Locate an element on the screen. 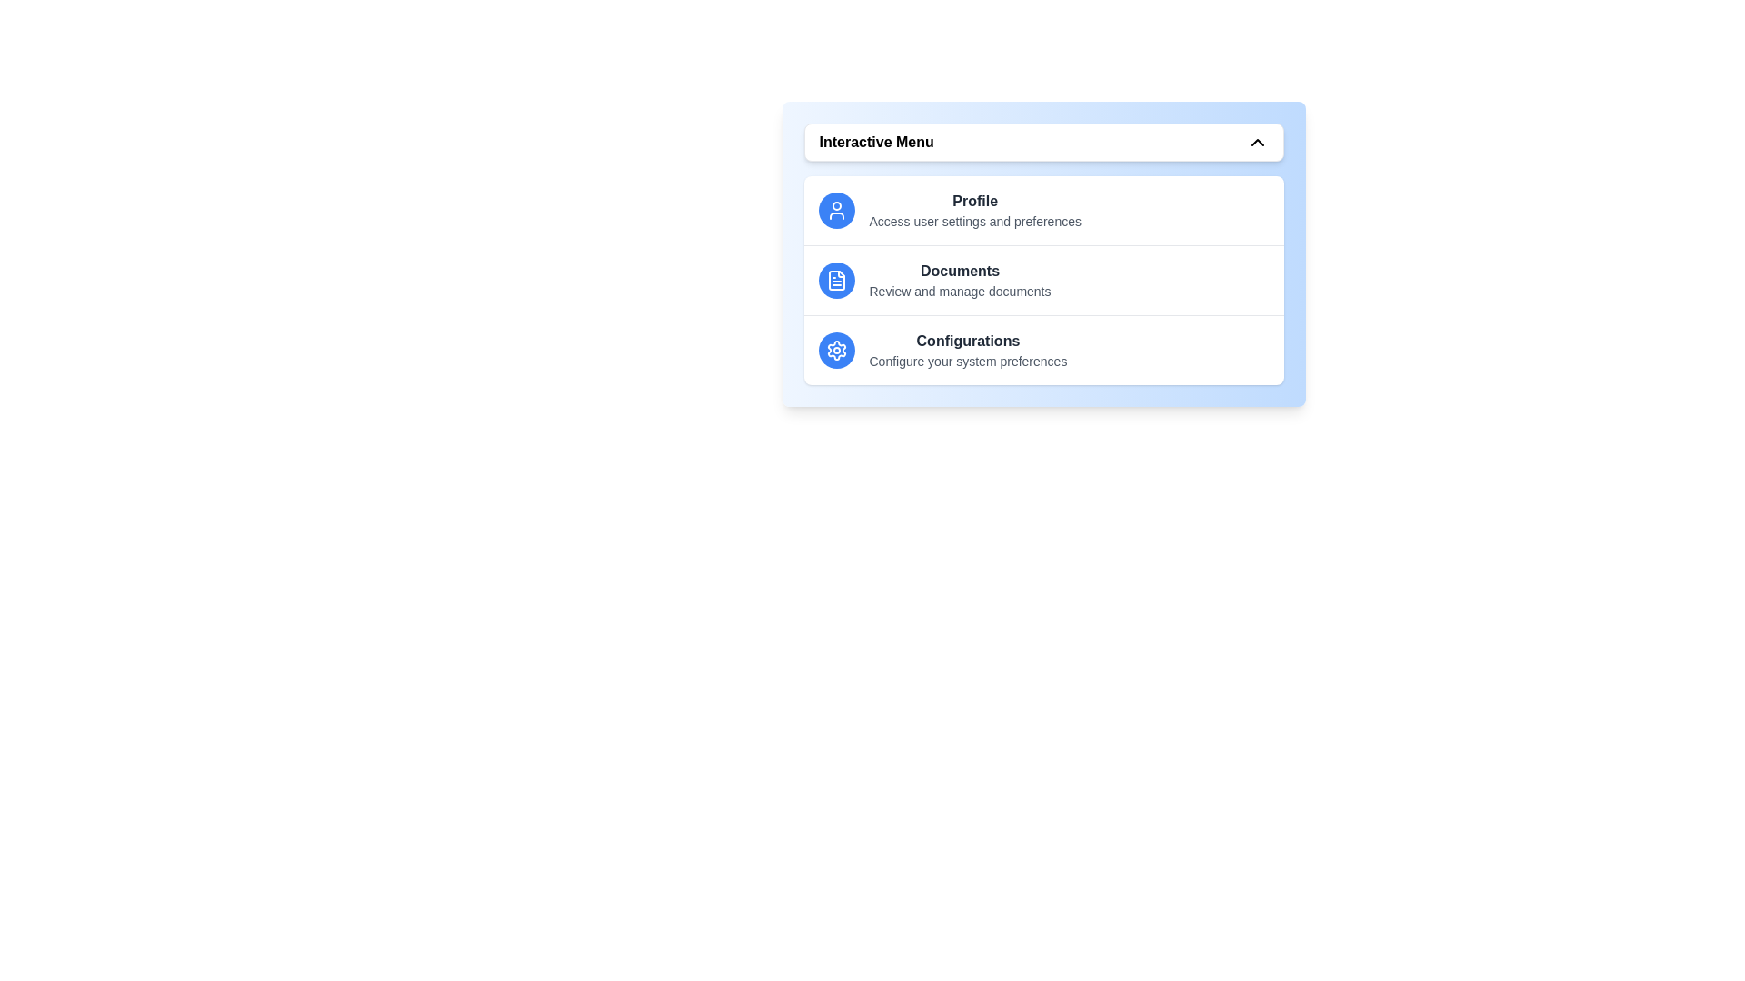 This screenshot has width=1745, height=981. the icon corresponding to Documents in the menu is located at coordinates (835, 280).